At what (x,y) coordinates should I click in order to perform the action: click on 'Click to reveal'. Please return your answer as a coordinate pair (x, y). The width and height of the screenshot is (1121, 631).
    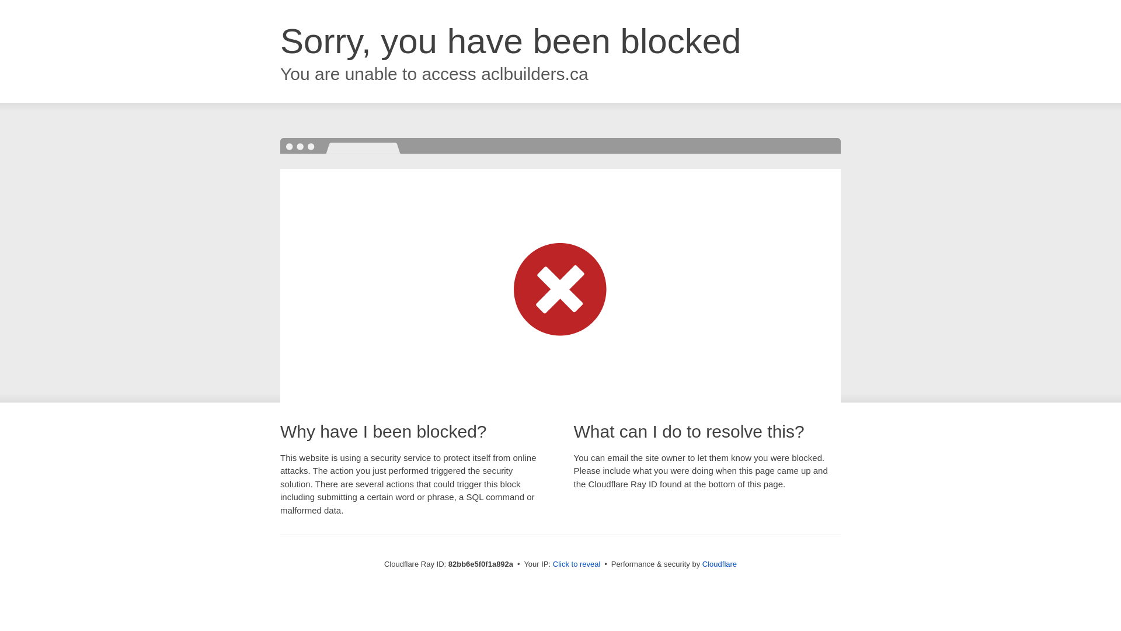
    Looking at the image, I should click on (577, 563).